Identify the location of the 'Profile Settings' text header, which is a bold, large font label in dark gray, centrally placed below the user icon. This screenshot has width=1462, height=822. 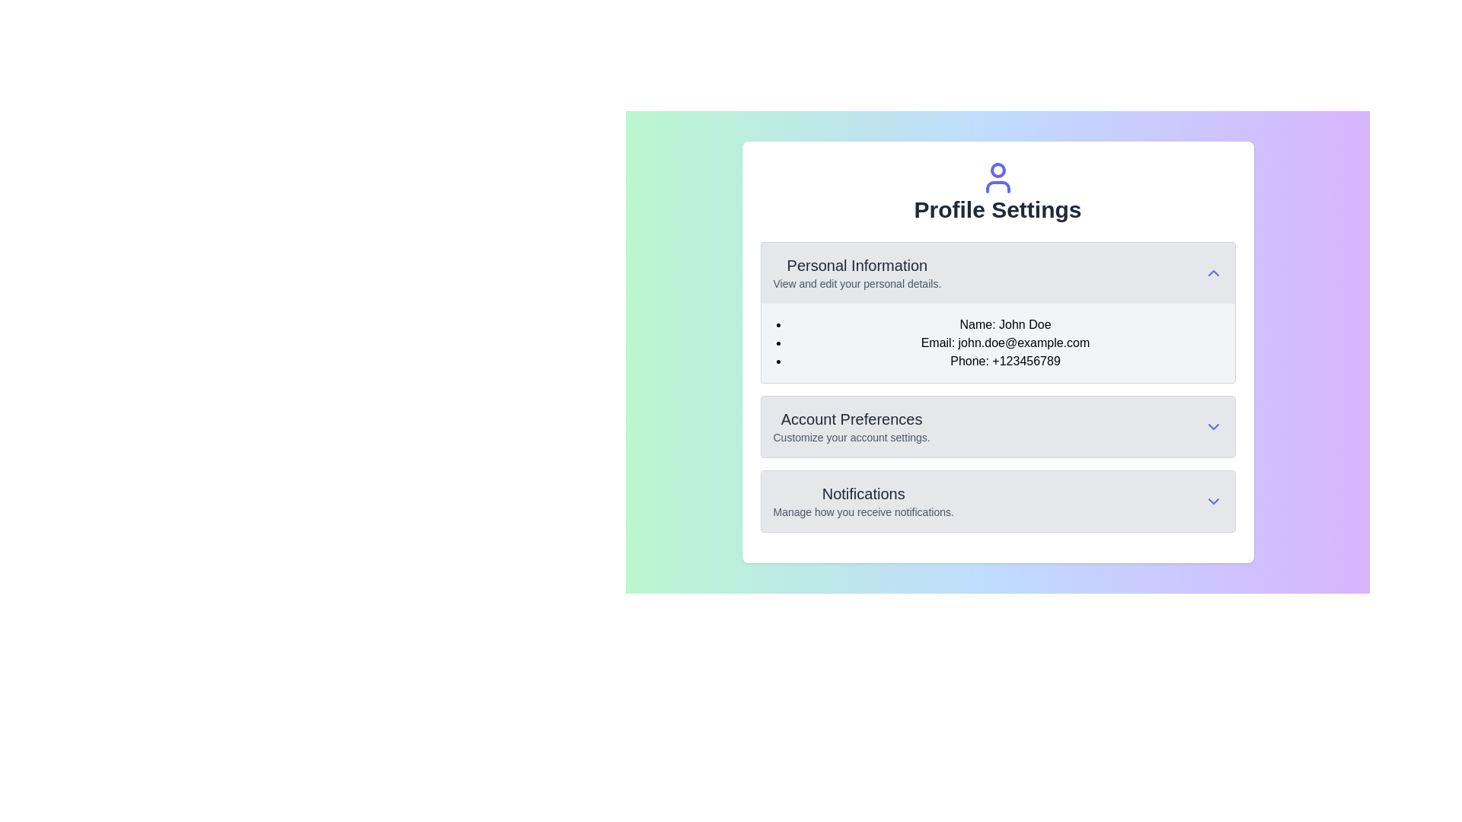
(998, 210).